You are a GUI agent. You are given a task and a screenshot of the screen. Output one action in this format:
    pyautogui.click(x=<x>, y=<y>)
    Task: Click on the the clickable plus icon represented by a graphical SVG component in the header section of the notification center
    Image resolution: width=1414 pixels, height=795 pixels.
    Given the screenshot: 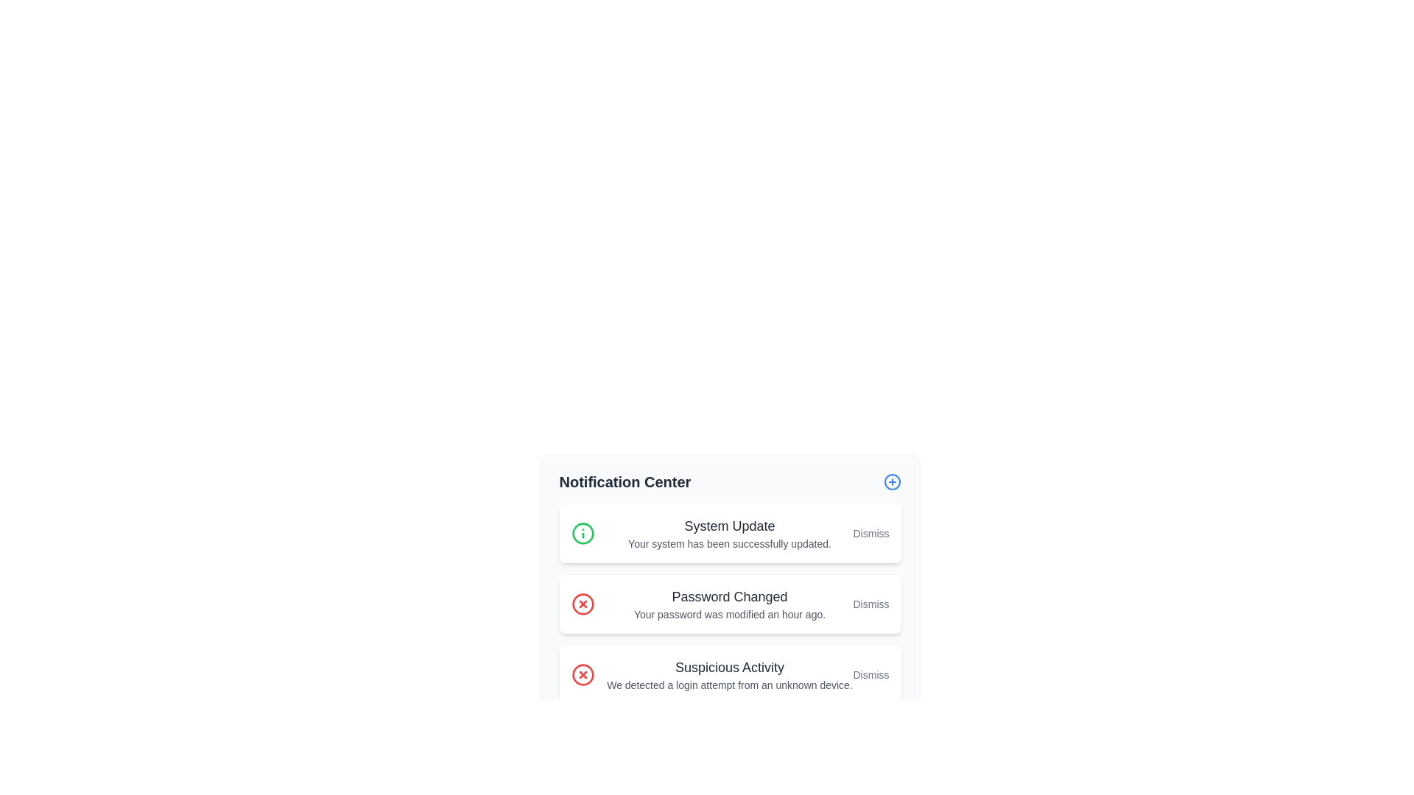 What is the action you would take?
    pyautogui.click(x=891, y=482)
    